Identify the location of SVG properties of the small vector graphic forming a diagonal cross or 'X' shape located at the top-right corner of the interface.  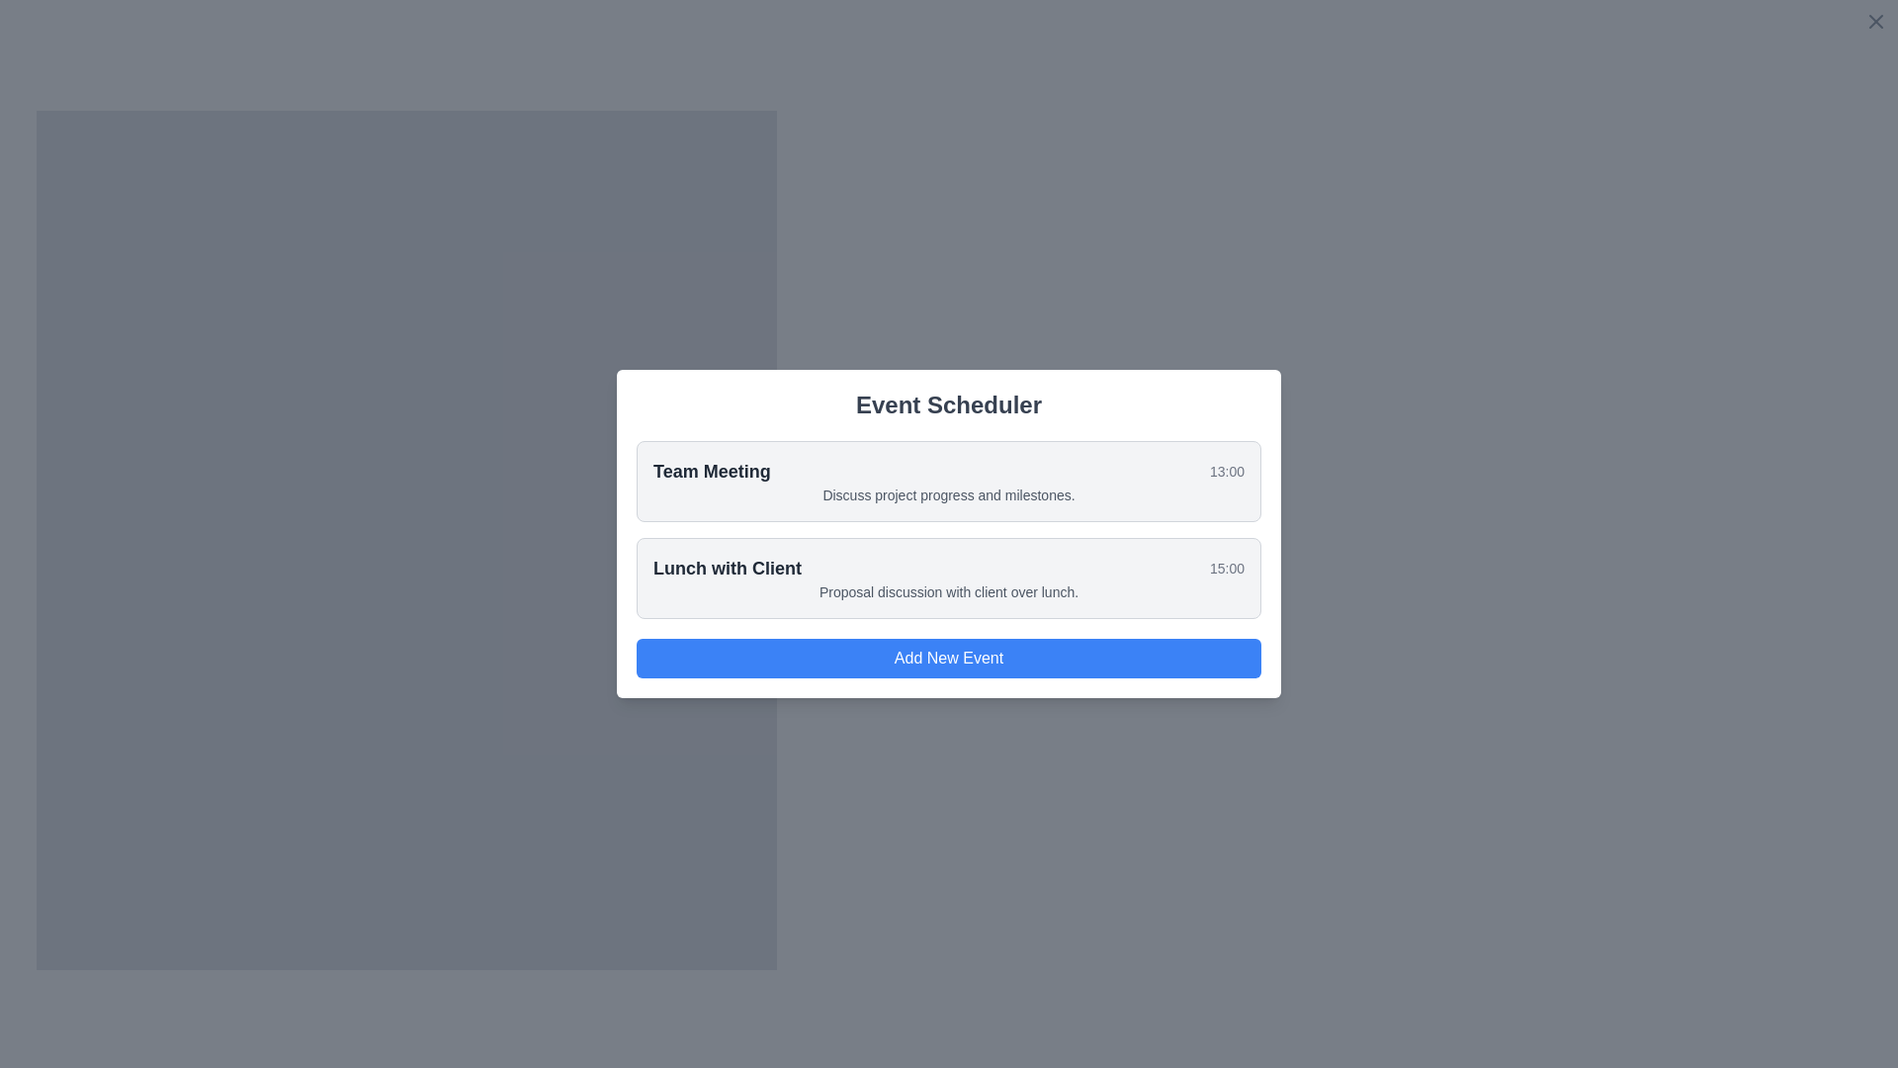
(1874, 22).